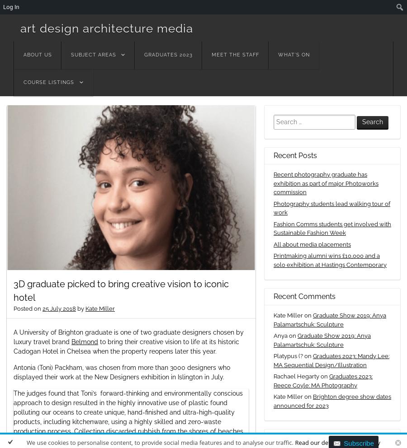  I want to click on 'Menu', so click(40, 57).